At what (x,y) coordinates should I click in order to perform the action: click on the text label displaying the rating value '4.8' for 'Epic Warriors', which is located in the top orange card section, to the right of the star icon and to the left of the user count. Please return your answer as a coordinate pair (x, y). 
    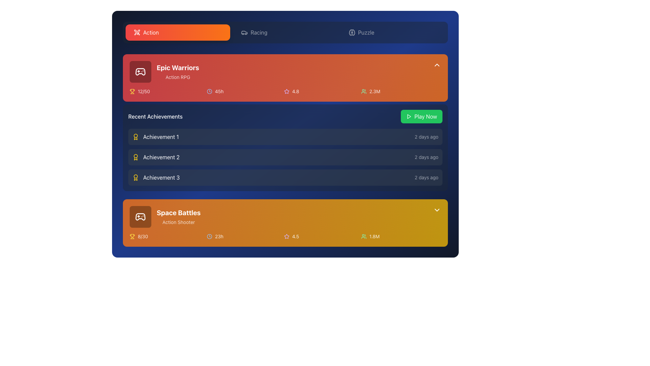
    Looking at the image, I should click on (296, 91).